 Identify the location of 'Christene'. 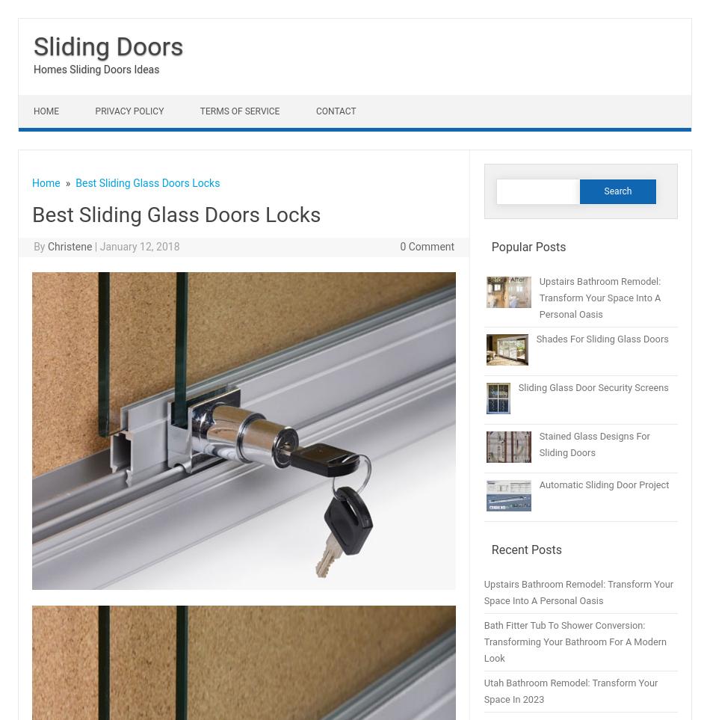
(70, 247).